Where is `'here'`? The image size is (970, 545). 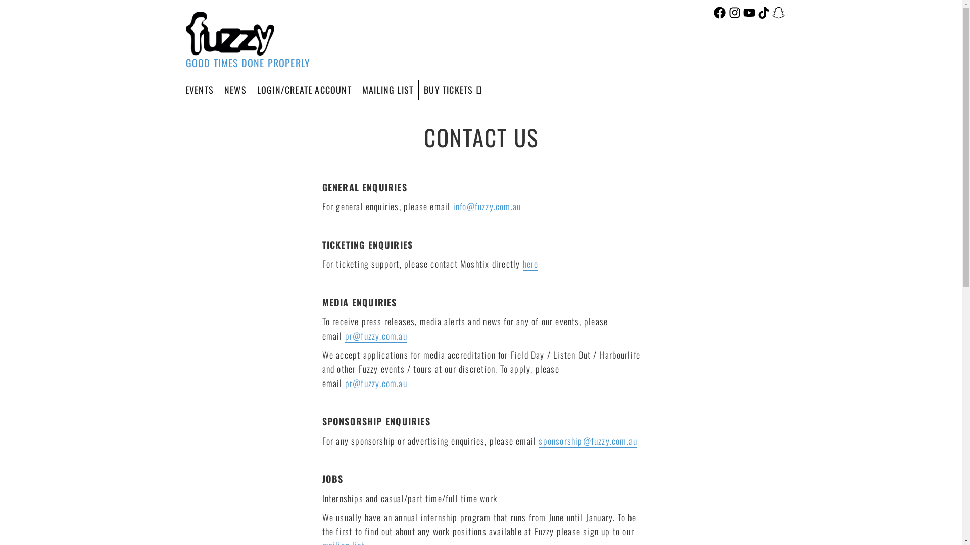
'here' is located at coordinates (530, 263).